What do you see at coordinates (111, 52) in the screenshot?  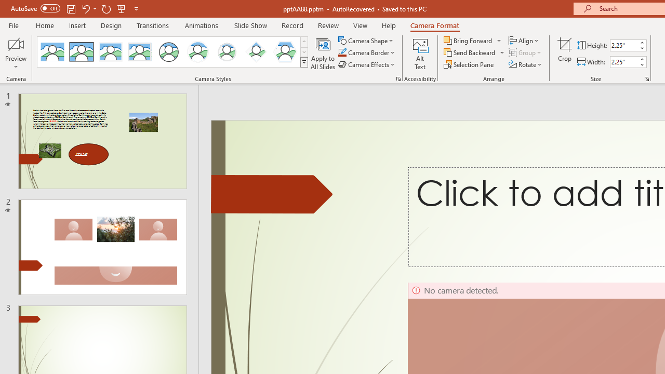 I see `'Center Shadow Rectangle'` at bounding box center [111, 52].